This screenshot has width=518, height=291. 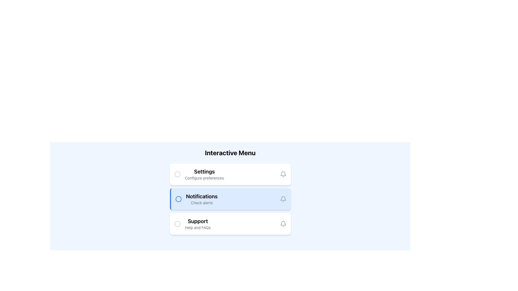 What do you see at coordinates (283, 174) in the screenshot?
I see `the bell icon located at the far right of the 'Settings - Configure preferences' row, which serves as a notification indicator or button` at bounding box center [283, 174].